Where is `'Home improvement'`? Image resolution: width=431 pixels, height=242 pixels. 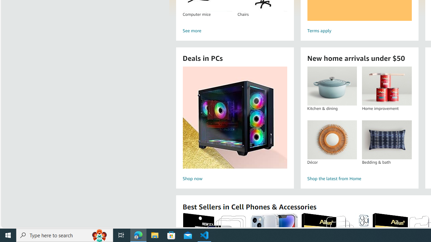
'Home improvement' is located at coordinates (387, 86).